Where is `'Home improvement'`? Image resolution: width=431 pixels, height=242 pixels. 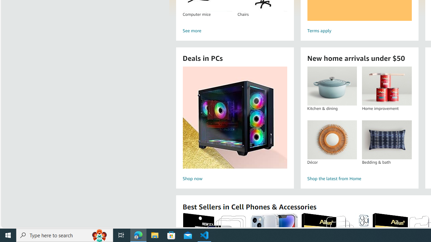
'Home improvement' is located at coordinates (387, 86).